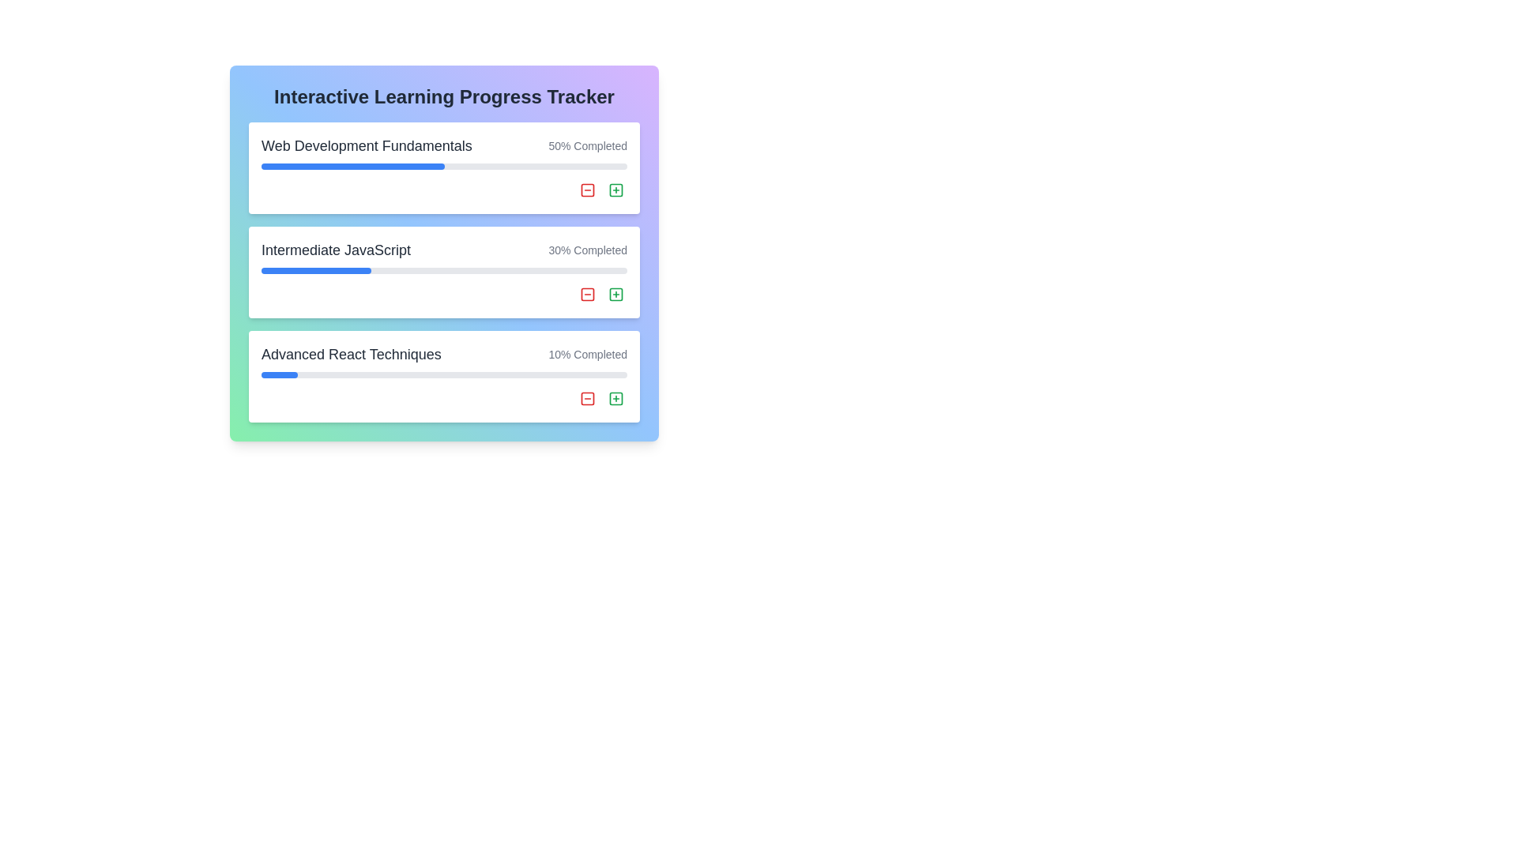 This screenshot has width=1517, height=853. I want to click on the progress visually indicated by the progress bar component for the 'Intermediate JavaScript' task, which shows 30% completion, so click(316, 270).